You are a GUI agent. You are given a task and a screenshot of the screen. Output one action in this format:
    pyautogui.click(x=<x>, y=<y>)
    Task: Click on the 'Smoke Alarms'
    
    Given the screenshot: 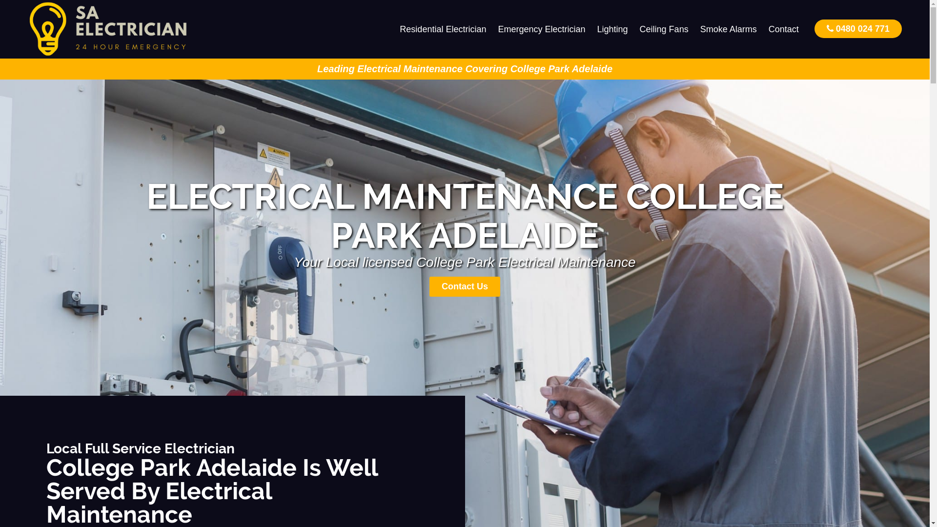 What is the action you would take?
    pyautogui.click(x=728, y=29)
    